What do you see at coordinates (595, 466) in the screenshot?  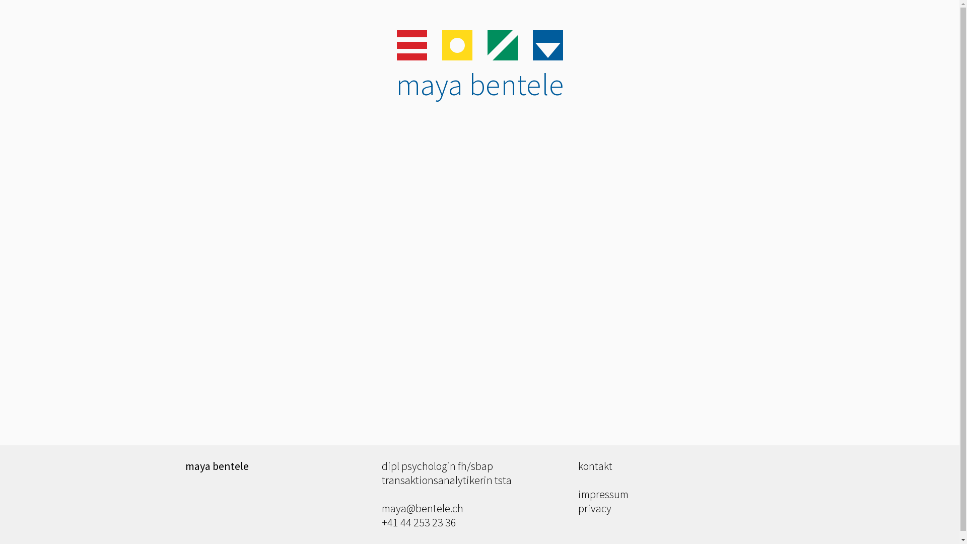 I see `'kontakt'` at bounding box center [595, 466].